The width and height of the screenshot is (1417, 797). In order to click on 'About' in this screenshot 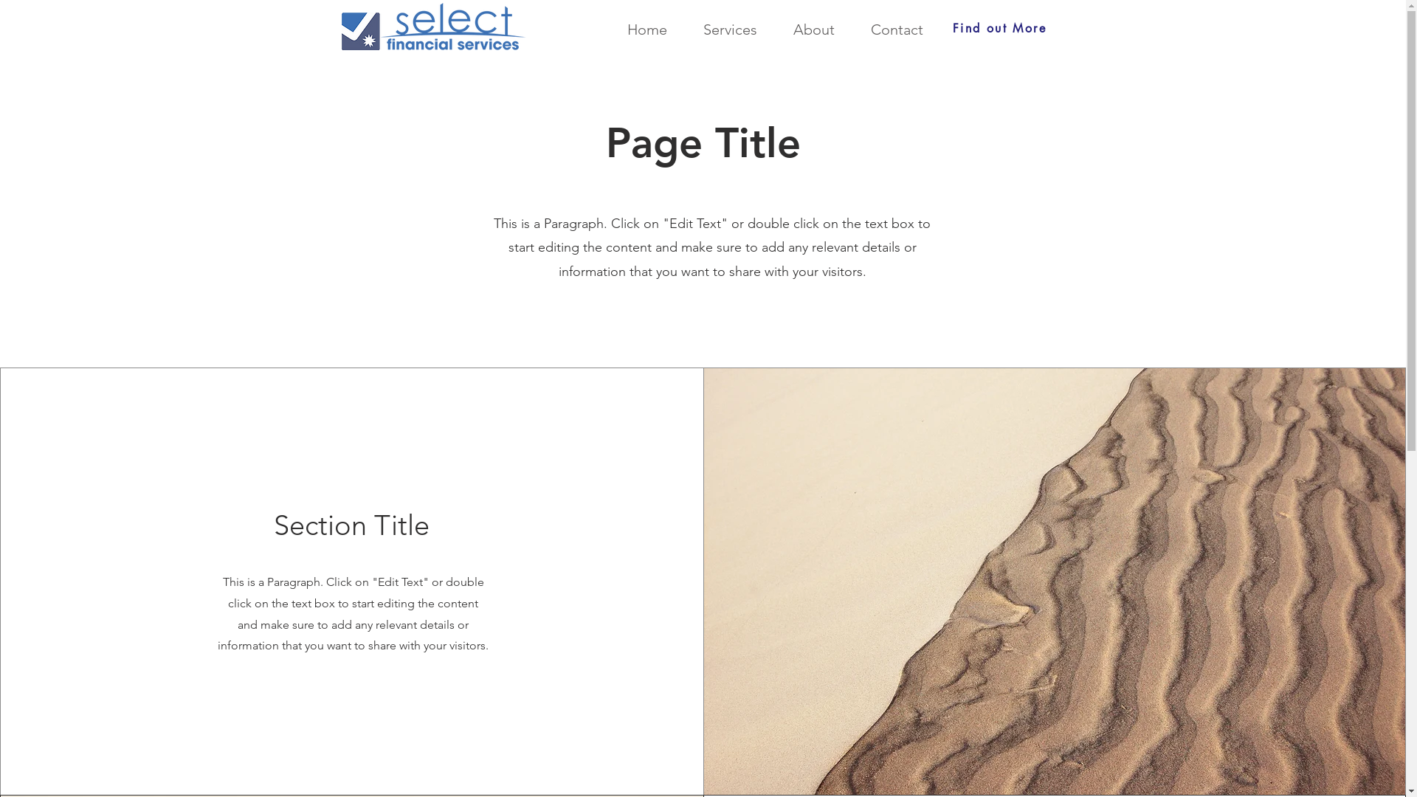, I will do `click(805, 30)`.